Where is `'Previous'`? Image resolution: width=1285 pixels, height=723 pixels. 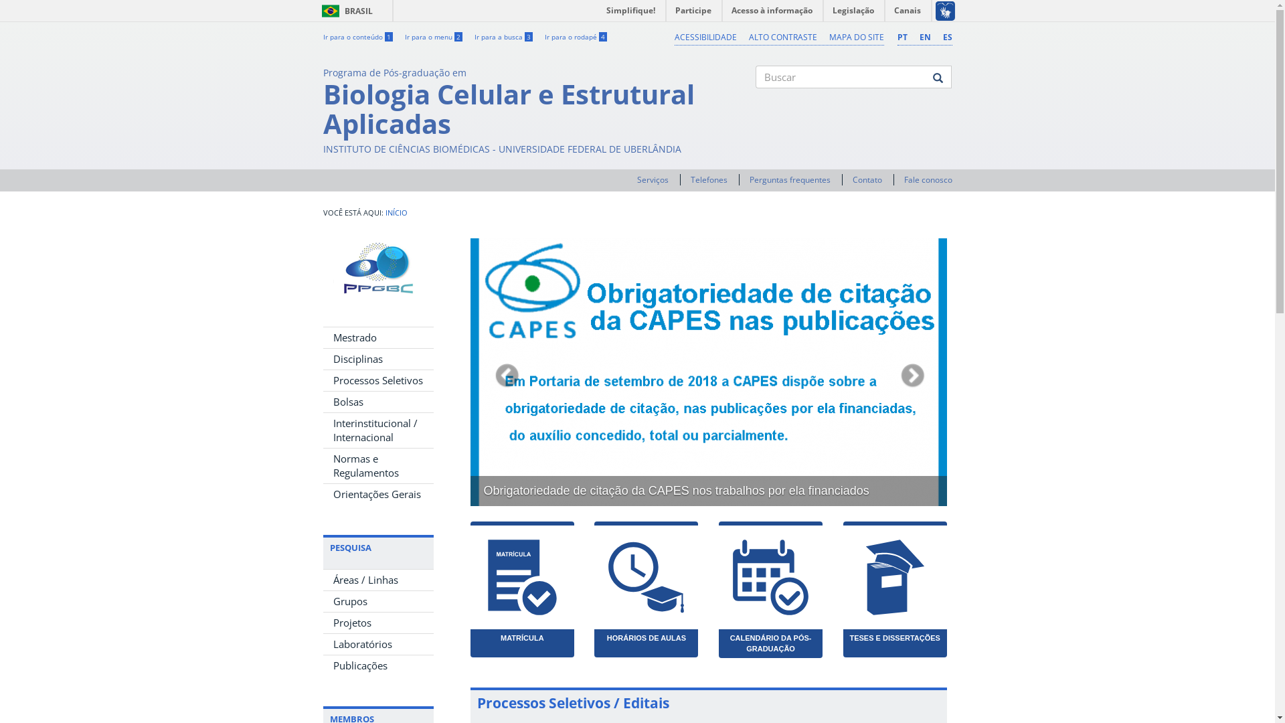
'Previous' is located at coordinates (505, 372).